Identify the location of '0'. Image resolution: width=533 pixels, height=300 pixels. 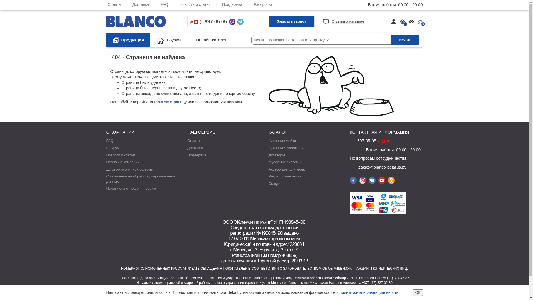
(420, 21).